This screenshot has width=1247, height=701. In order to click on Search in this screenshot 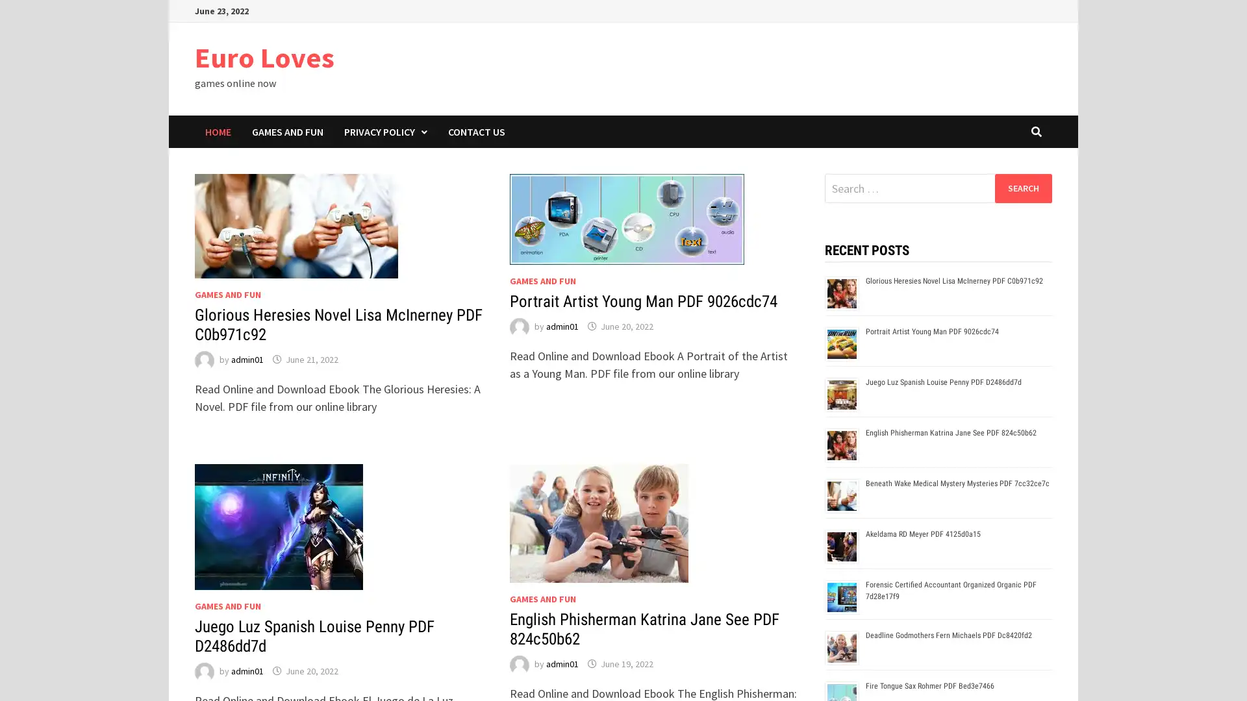, I will do `click(1022, 188)`.